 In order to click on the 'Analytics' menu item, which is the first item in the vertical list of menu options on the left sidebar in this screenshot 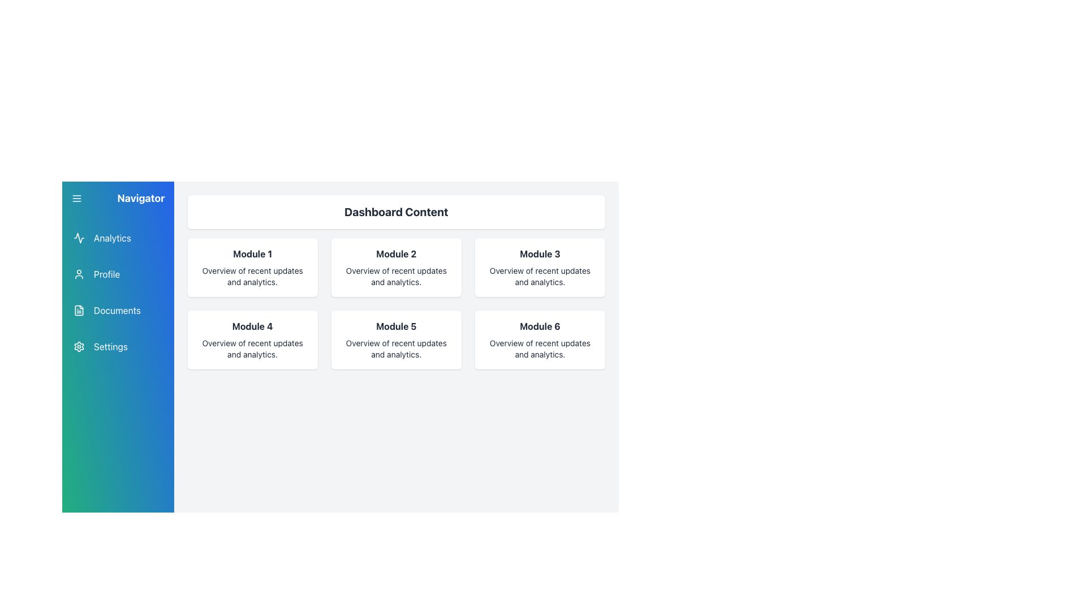, I will do `click(118, 237)`.